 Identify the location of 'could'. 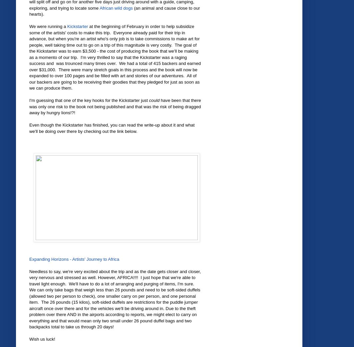
(154, 100).